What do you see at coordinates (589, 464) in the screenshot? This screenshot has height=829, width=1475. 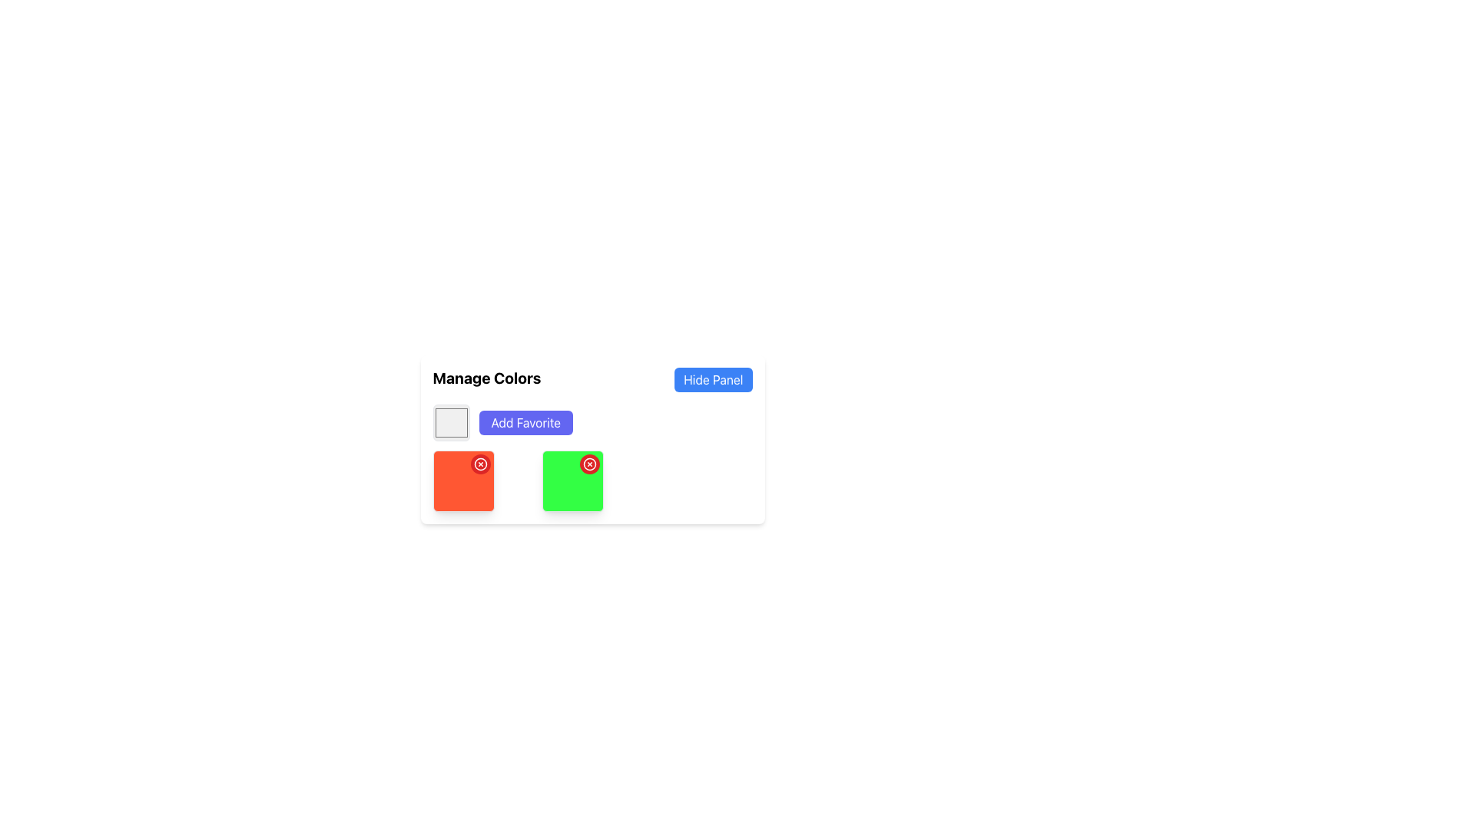 I see `the Circular Close/Delete Icon located at the top-right corner of the green square block` at bounding box center [589, 464].